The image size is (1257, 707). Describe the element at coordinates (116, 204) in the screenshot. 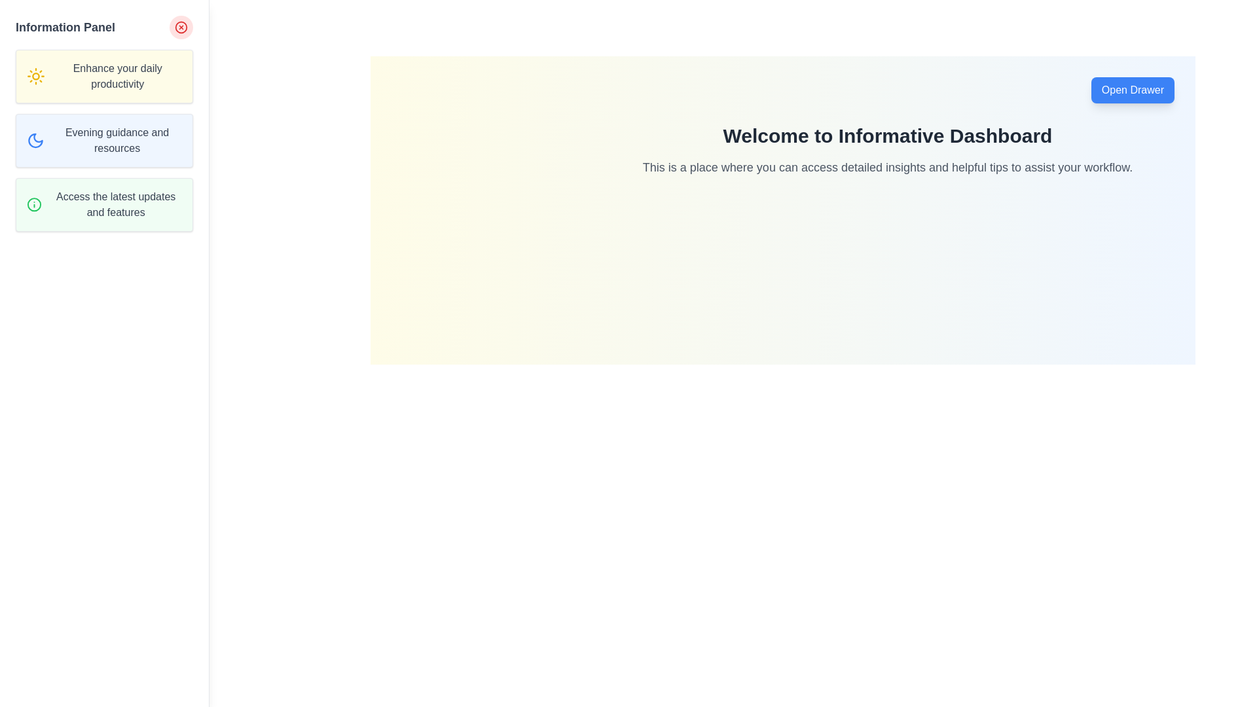

I see `the static text that provides information about accessing updates and features, located in the third row of the sidebar within a light green box under the 'Information Panel' section` at that location.